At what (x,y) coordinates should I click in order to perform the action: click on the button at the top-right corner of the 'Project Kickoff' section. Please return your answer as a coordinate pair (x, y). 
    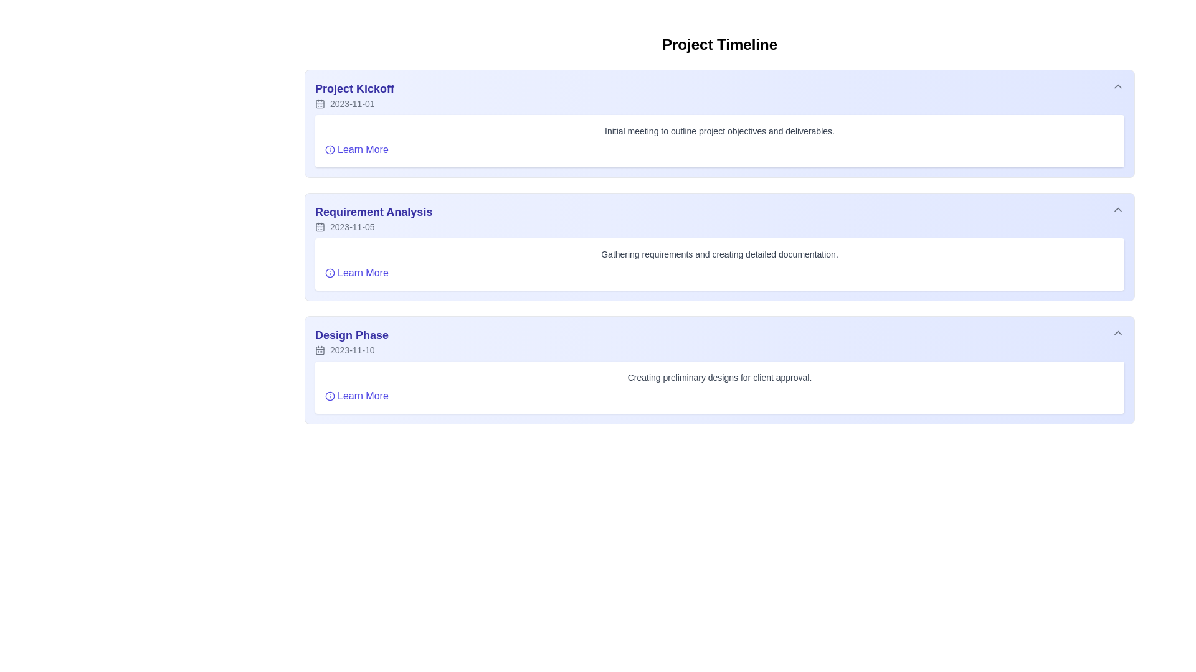
    Looking at the image, I should click on (1118, 85).